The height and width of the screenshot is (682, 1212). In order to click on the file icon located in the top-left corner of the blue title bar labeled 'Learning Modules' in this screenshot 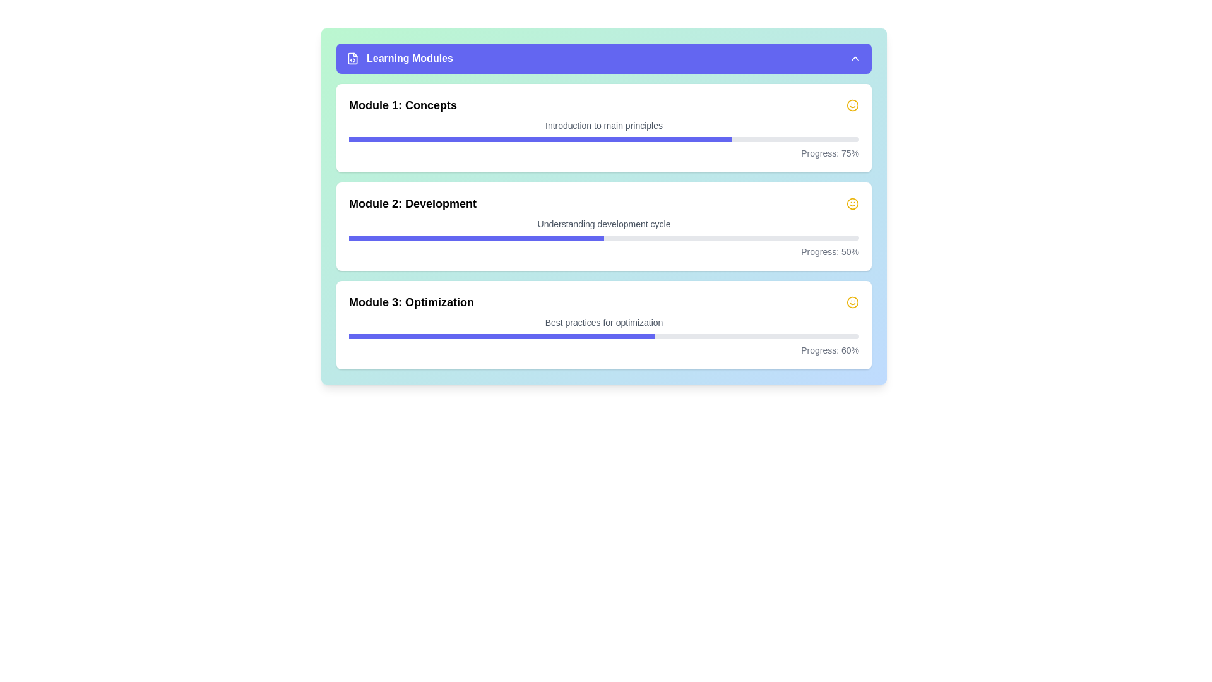, I will do `click(352, 58)`.